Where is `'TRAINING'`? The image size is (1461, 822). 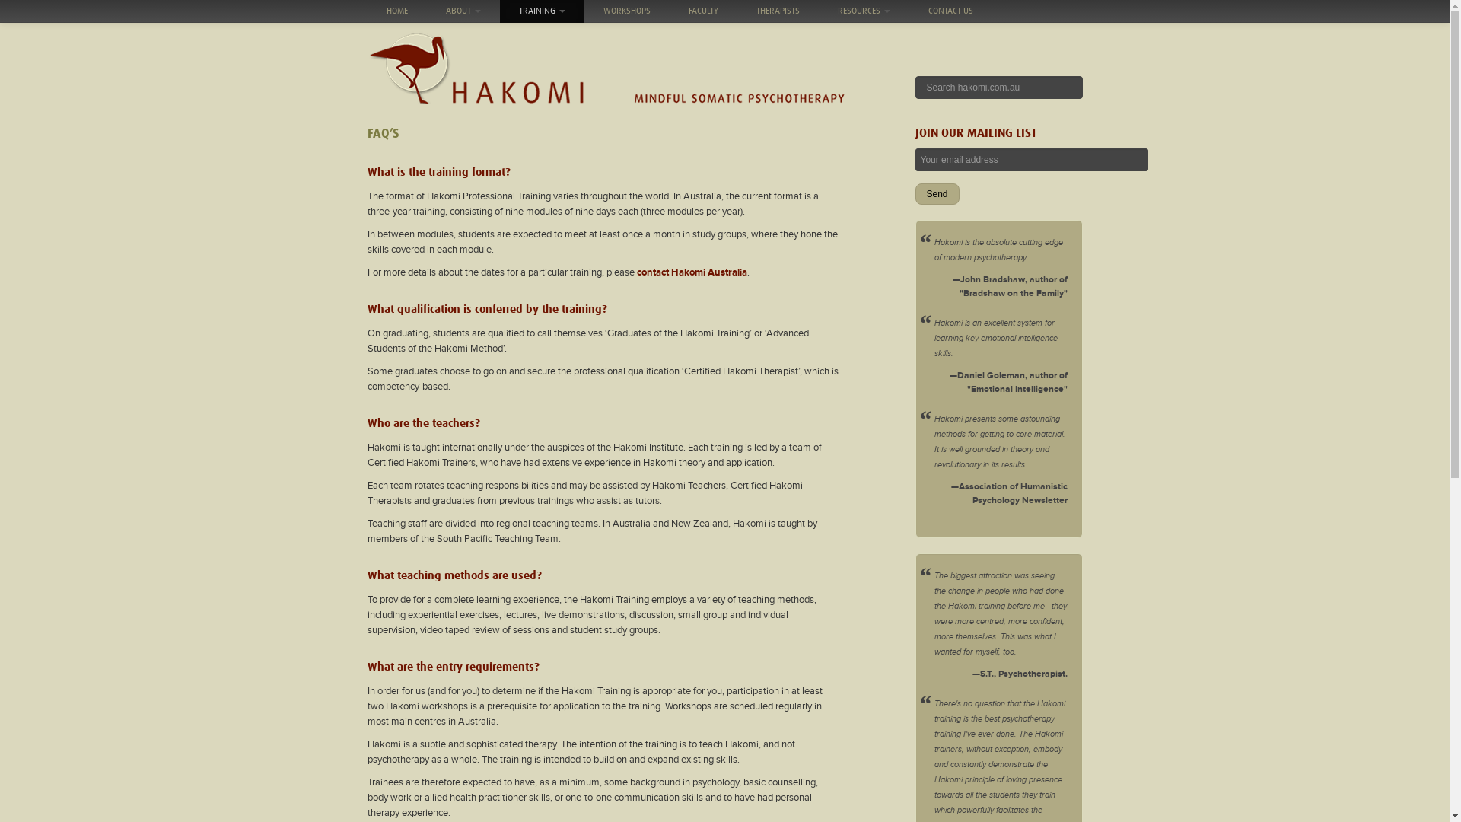 'TRAINING' is located at coordinates (541, 11).